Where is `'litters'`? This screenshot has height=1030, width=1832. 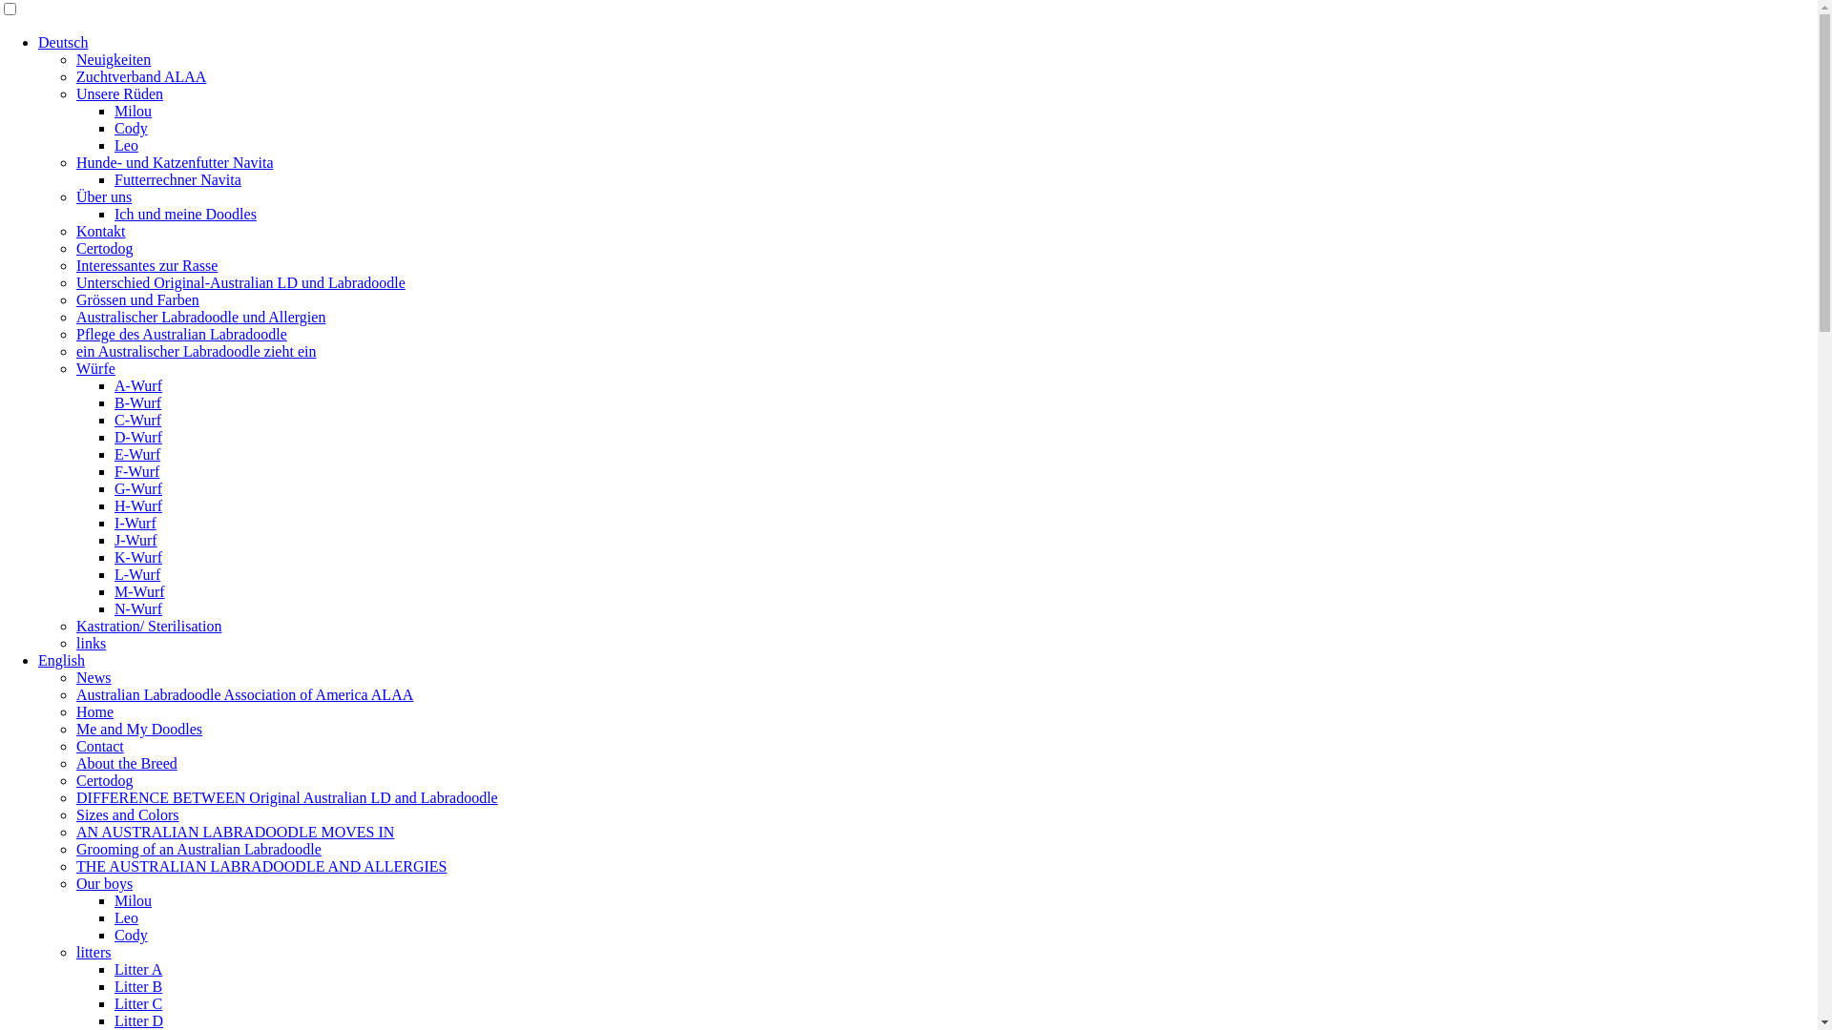
'litters' is located at coordinates (92, 952).